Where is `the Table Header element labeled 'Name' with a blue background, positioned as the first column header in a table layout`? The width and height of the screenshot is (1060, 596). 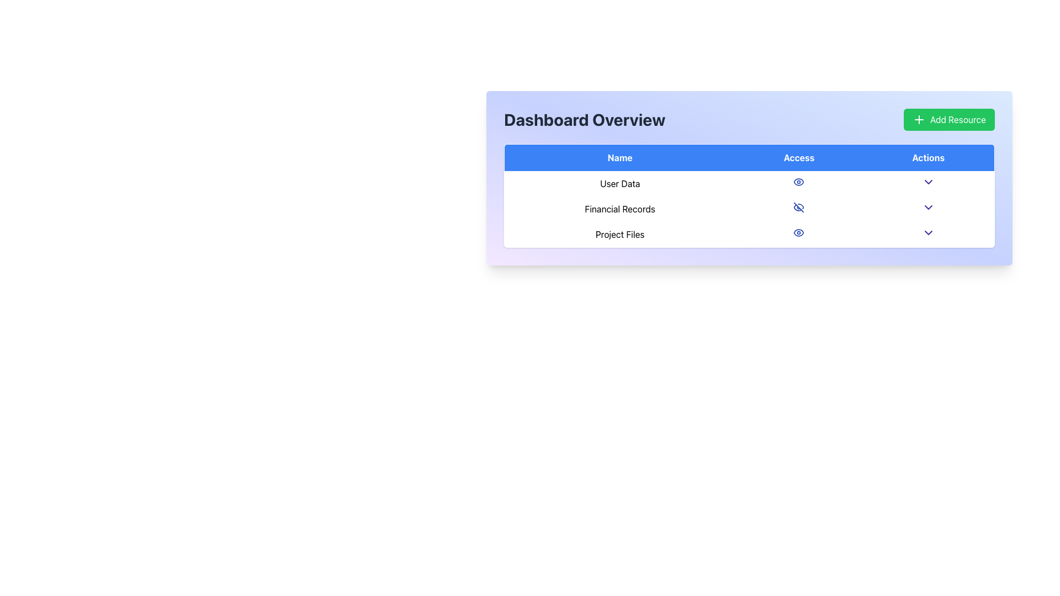
the Table Header element labeled 'Name' with a blue background, positioned as the first column header in a table layout is located at coordinates (620, 157).